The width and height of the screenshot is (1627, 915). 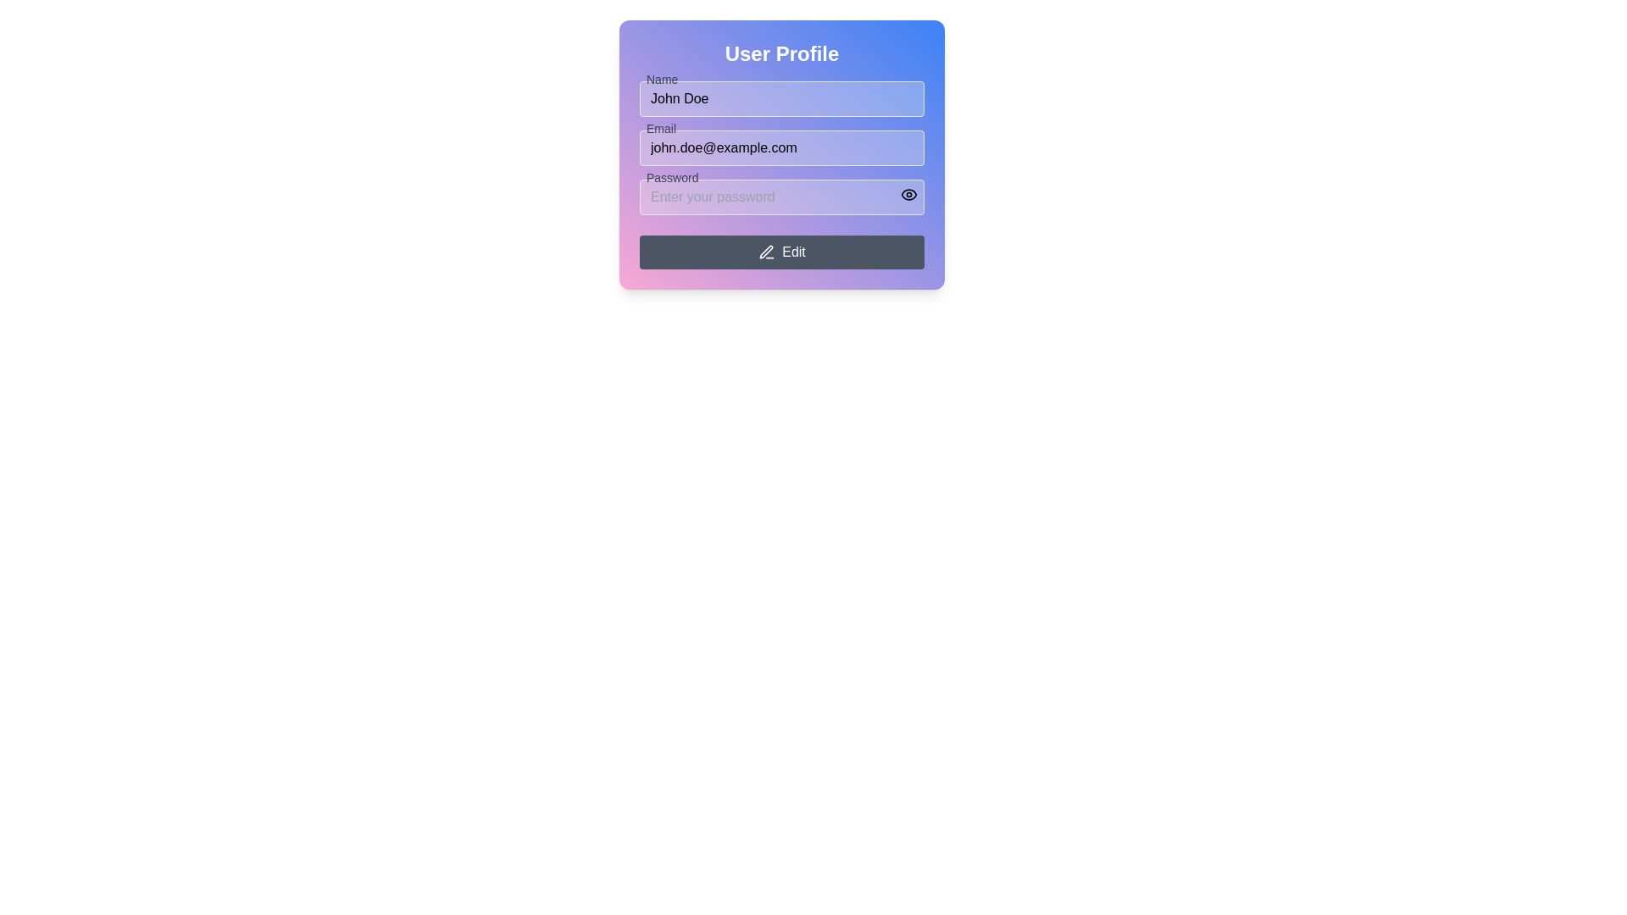 What do you see at coordinates (660, 127) in the screenshot?
I see `the 'Email' label, which is a small-sized light gray text positioned above the email input field and aligned to the left` at bounding box center [660, 127].